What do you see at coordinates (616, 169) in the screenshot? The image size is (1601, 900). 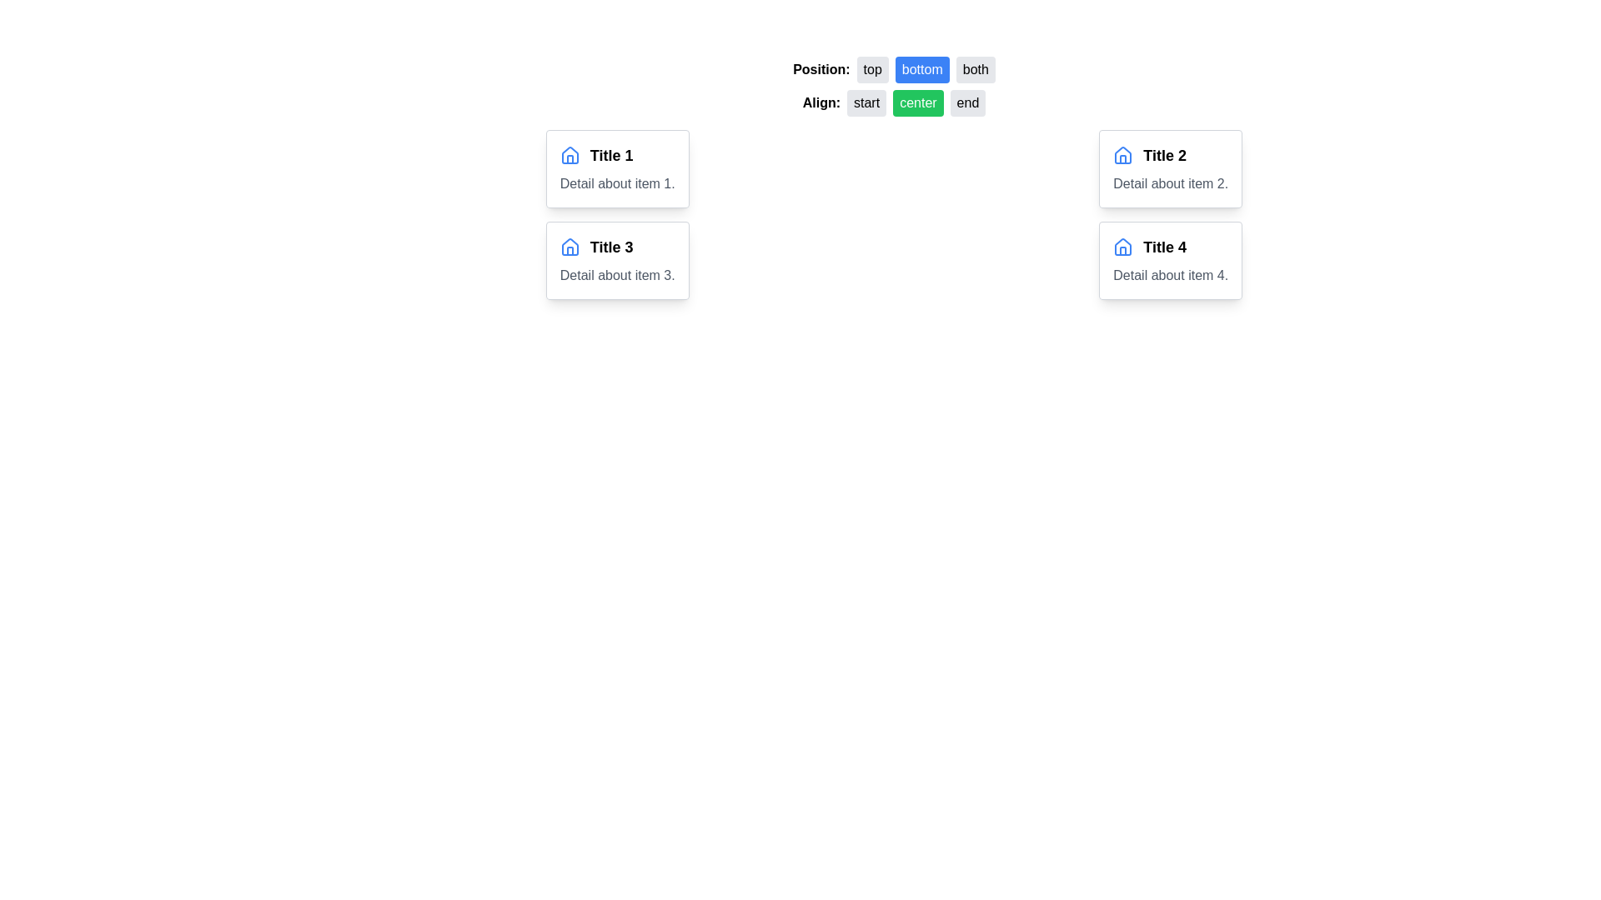 I see `the Information card displaying 'Title 1' with a house icon in the top left corner` at bounding box center [616, 169].